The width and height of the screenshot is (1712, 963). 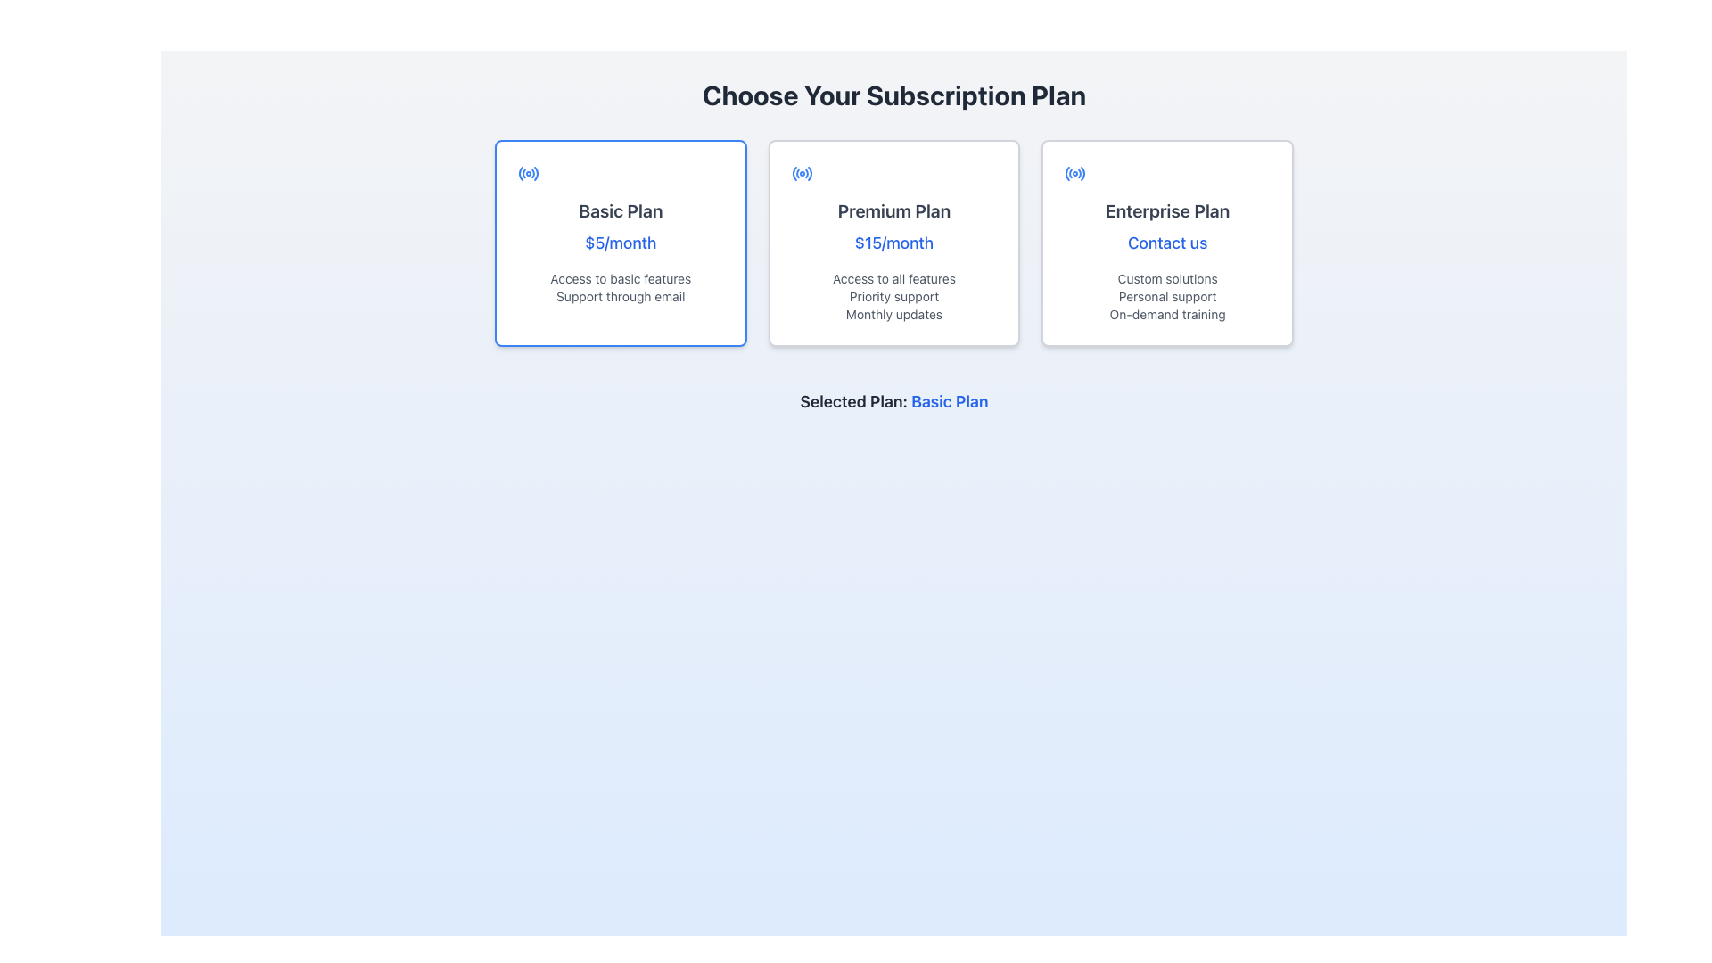 What do you see at coordinates (1167, 278) in the screenshot?
I see `the descriptive text label that highlights features of the 'Enterprise Plan' subscription option, located in the middle-right section of the interface` at bounding box center [1167, 278].